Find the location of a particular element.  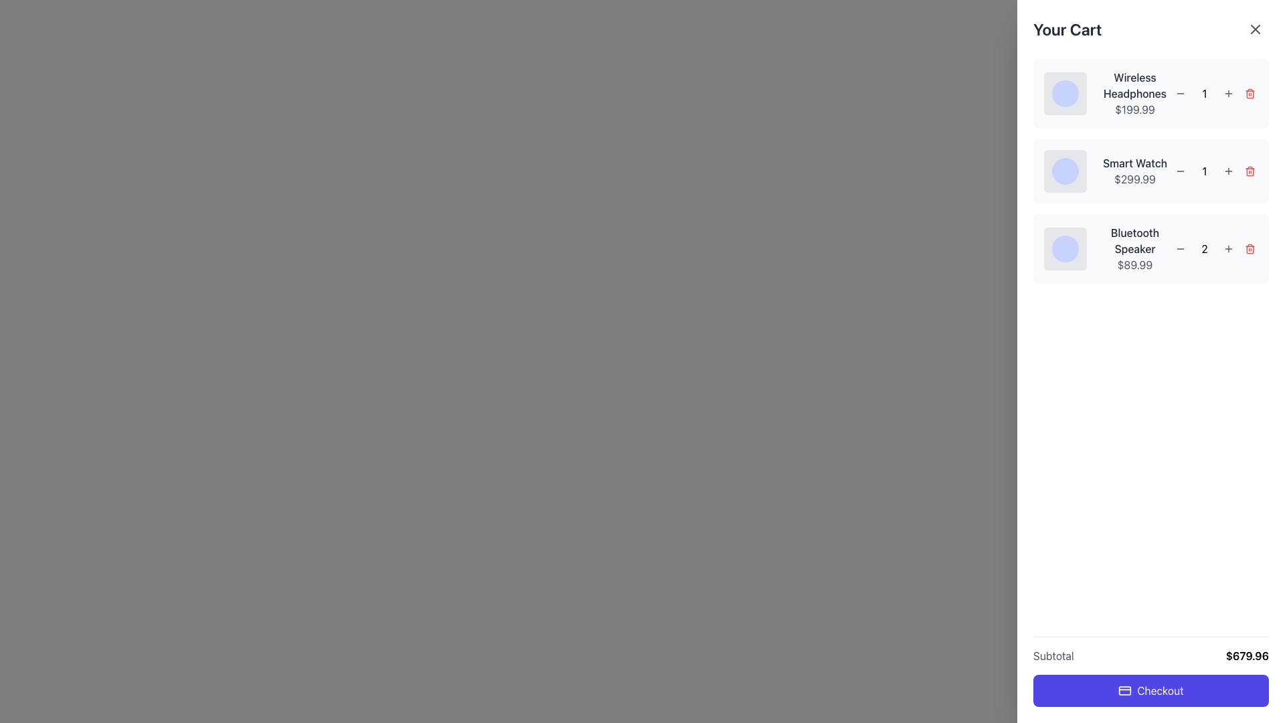

the icon button with a grey plus sign, located to the right of the quantity display in the cart interface, to observe the hover effect is located at coordinates (1229, 92).